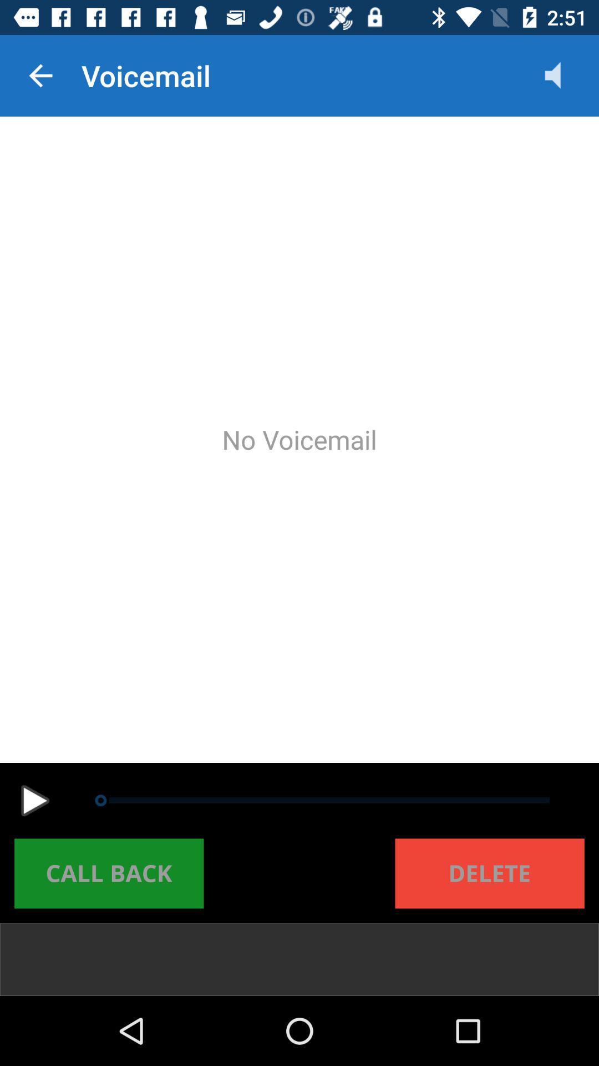 The image size is (599, 1066). What do you see at coordinates (109, 873) in the screenshot?
I see `the call back icon` at bounding box center [109, 873].